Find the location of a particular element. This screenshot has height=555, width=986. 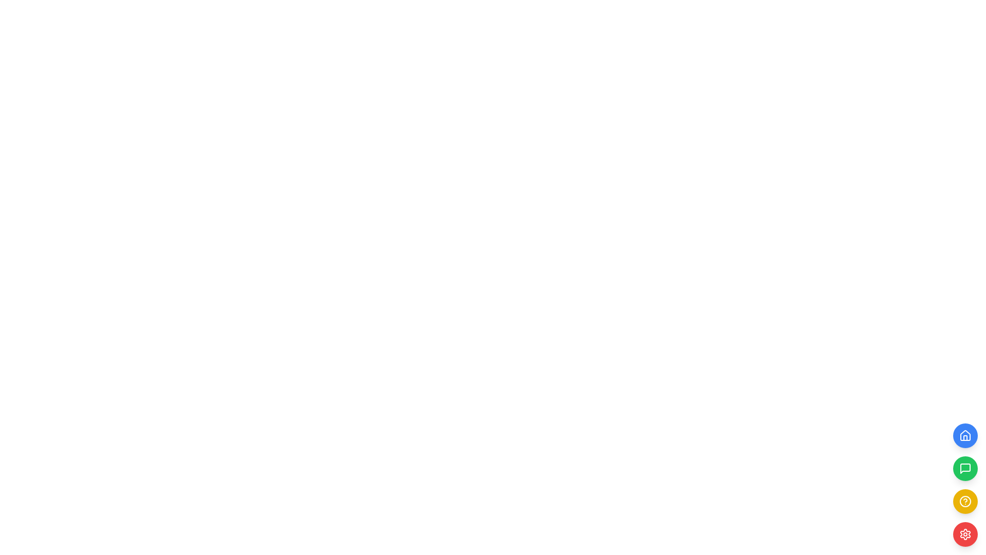

the chat initiation button located at the bottom right corner of the interface, identified by its speech bubble icon, which is the third circular button in a vertical arrangement is located at coordinates (965, 468).